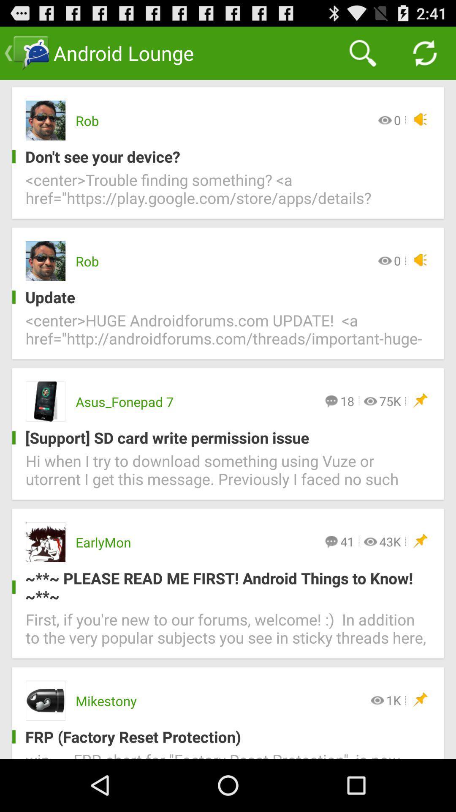 This screenshot has width=456, height=812. What do you see at coordinates (228, 334) in the screenshot?
I see `the center huge androidforums icon` at bounding box center [228, 334].